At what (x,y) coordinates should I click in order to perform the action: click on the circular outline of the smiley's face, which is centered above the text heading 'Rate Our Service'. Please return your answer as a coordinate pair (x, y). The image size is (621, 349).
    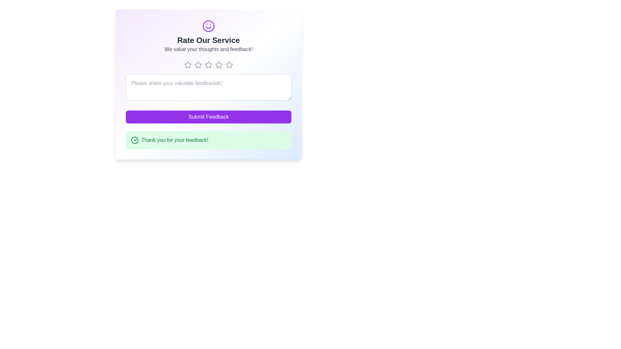
    Looking at the image, I should click on (208, 26).